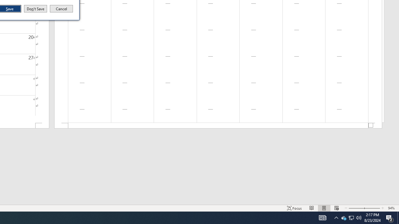 This screenshot has width=399, height=224. Describe the element at coordinates (35, 9) in the screenshot. I see `'Don'` at that location.